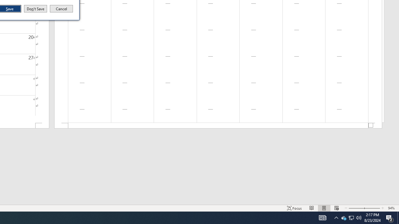 This screenshot has width=399, height=224. Describe the element at coordinates (35, 9) in the screenshot. I see `'Don'` at that location.